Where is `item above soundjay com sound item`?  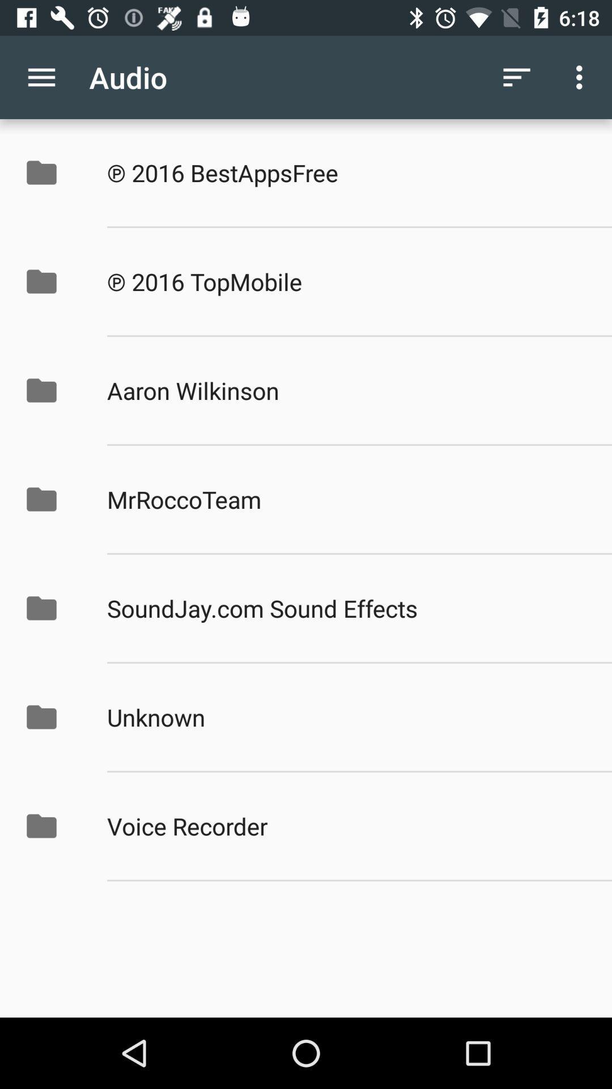
item above soundjay com sound item is located at coordinates (347, 499).